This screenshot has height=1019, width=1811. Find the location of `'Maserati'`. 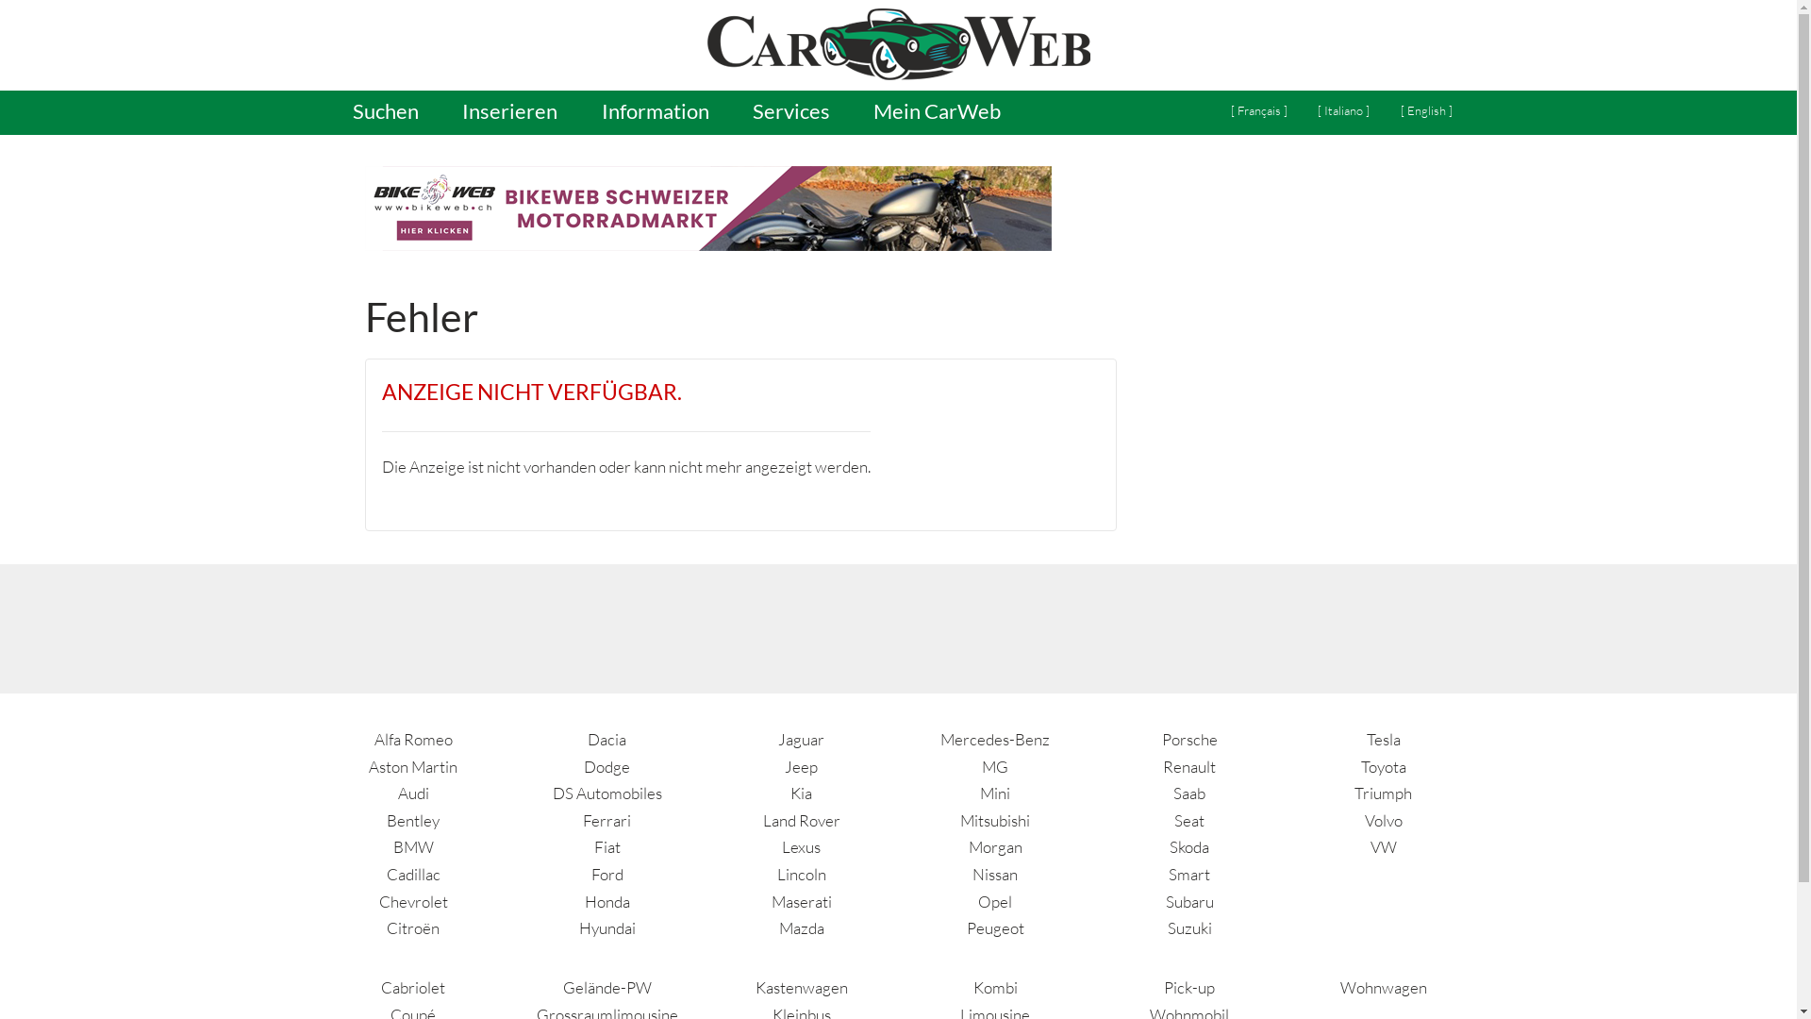

'Maserati' is located at coordinates (801, 900).